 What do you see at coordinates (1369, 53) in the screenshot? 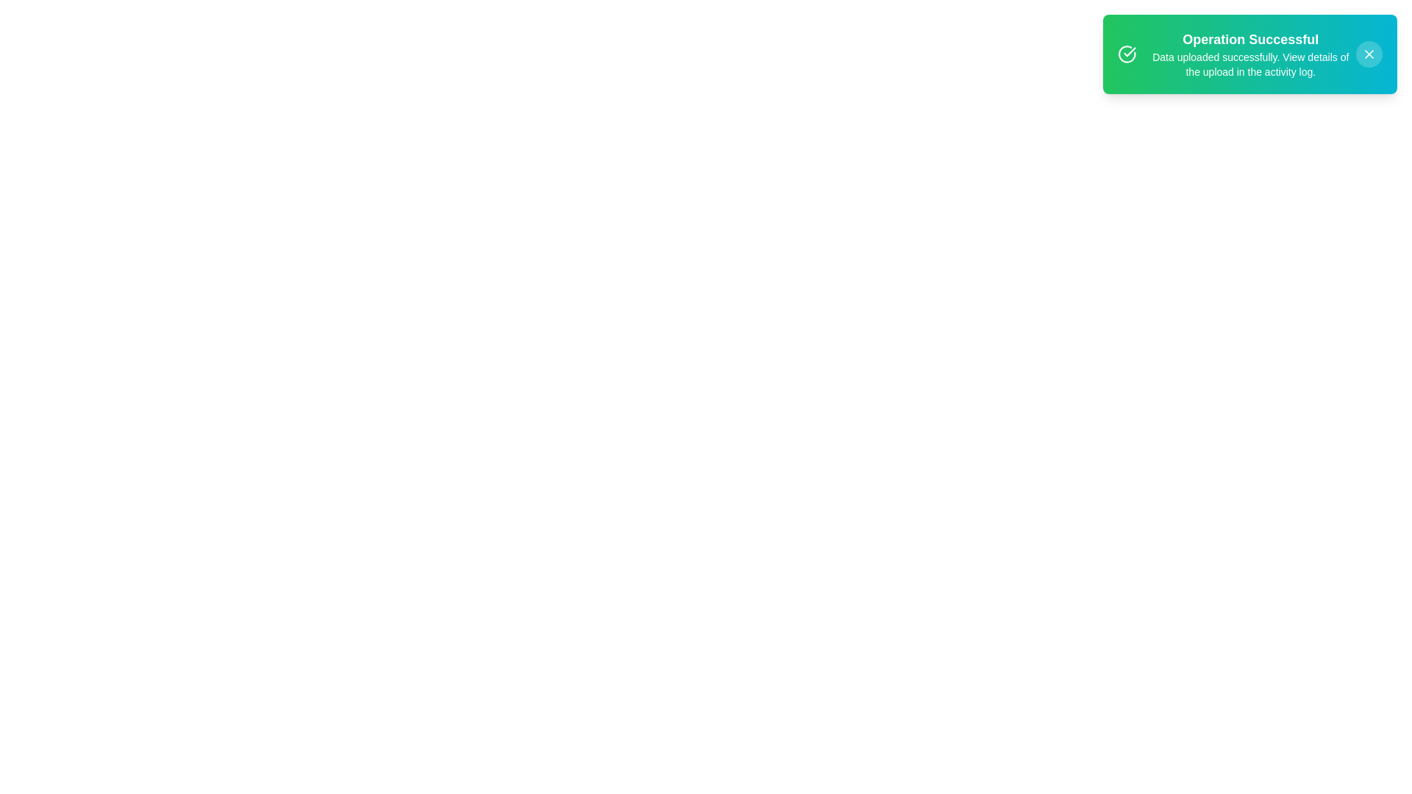
I see `the Close icon represented by an 'X' in the top-right corner of the notification message box` at bounding box center [1369, 53].